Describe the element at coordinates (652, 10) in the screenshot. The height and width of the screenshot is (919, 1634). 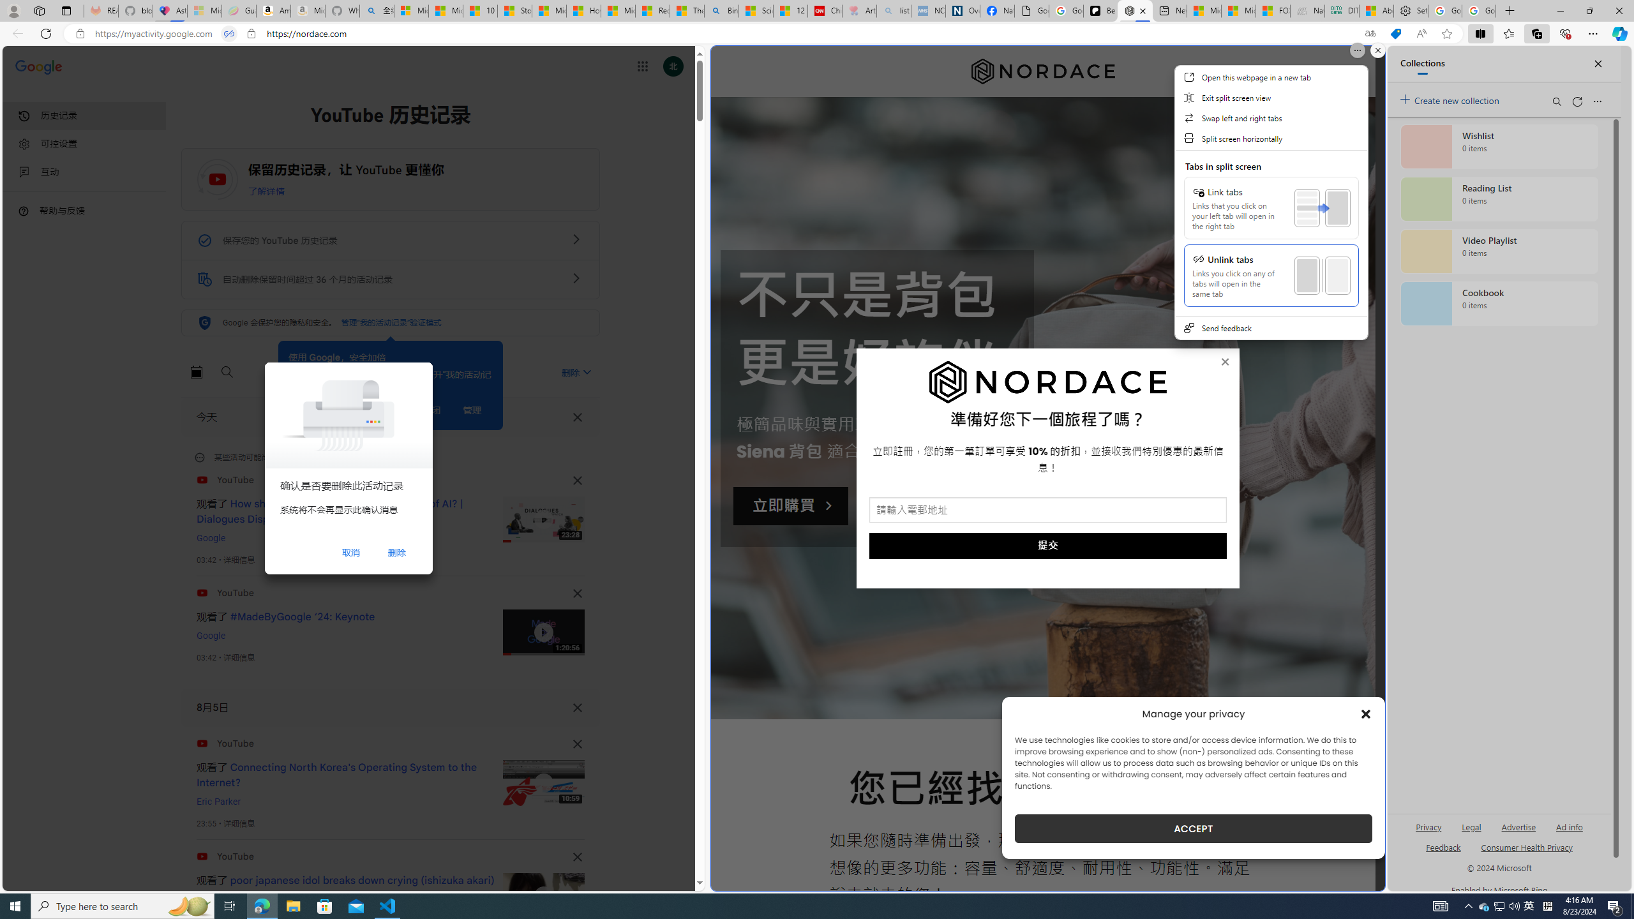
I see `'Recipes - MSN'` at that location.